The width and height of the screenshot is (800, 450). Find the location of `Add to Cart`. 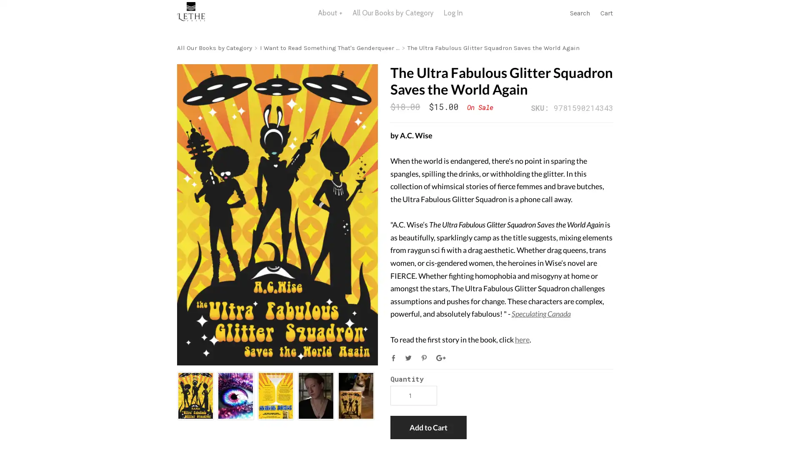

Add to Cart is located at coordinates (428, 427).